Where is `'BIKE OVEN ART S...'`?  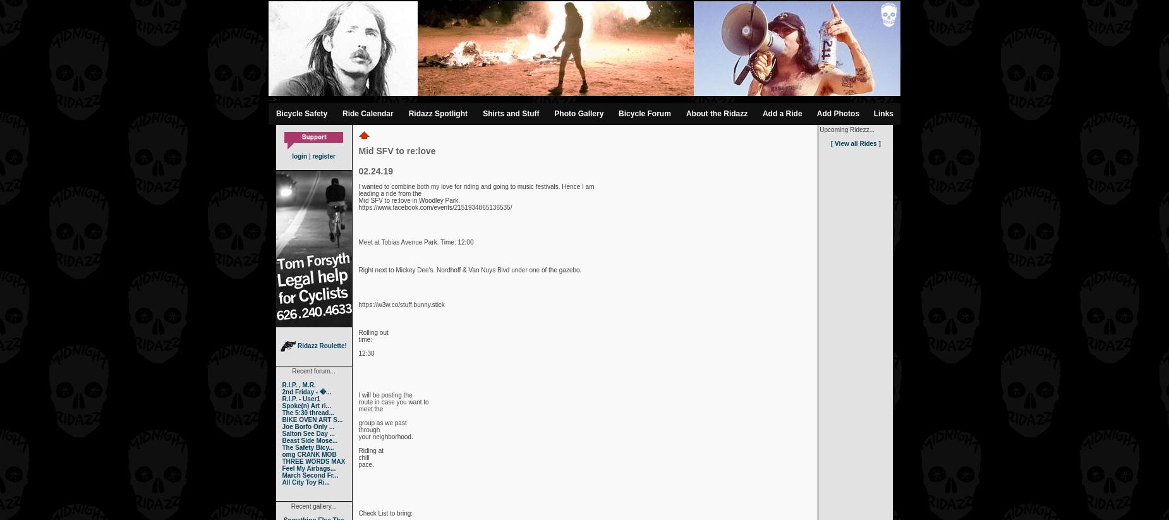
'BIKE OVEN ART S...' is located at coordinates (312, 420).